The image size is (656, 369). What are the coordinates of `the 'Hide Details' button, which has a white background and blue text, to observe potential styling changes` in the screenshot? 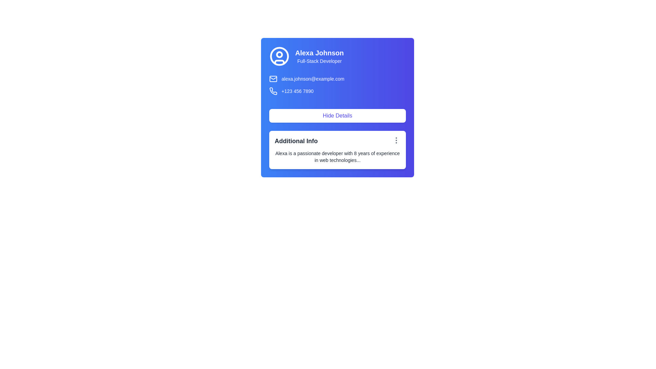 It's located at (338, 113).